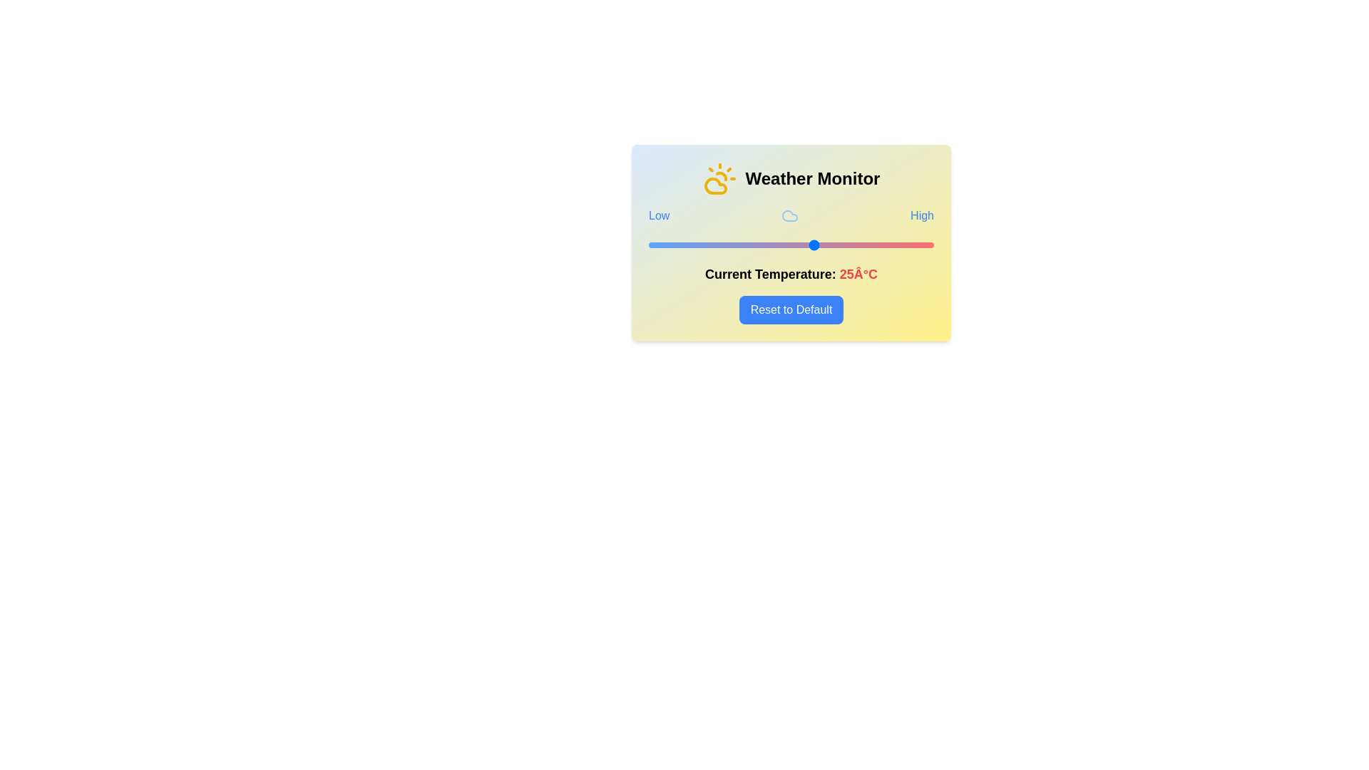  I want to click on the temperature to 23°C using the slider, so click(805, 244).